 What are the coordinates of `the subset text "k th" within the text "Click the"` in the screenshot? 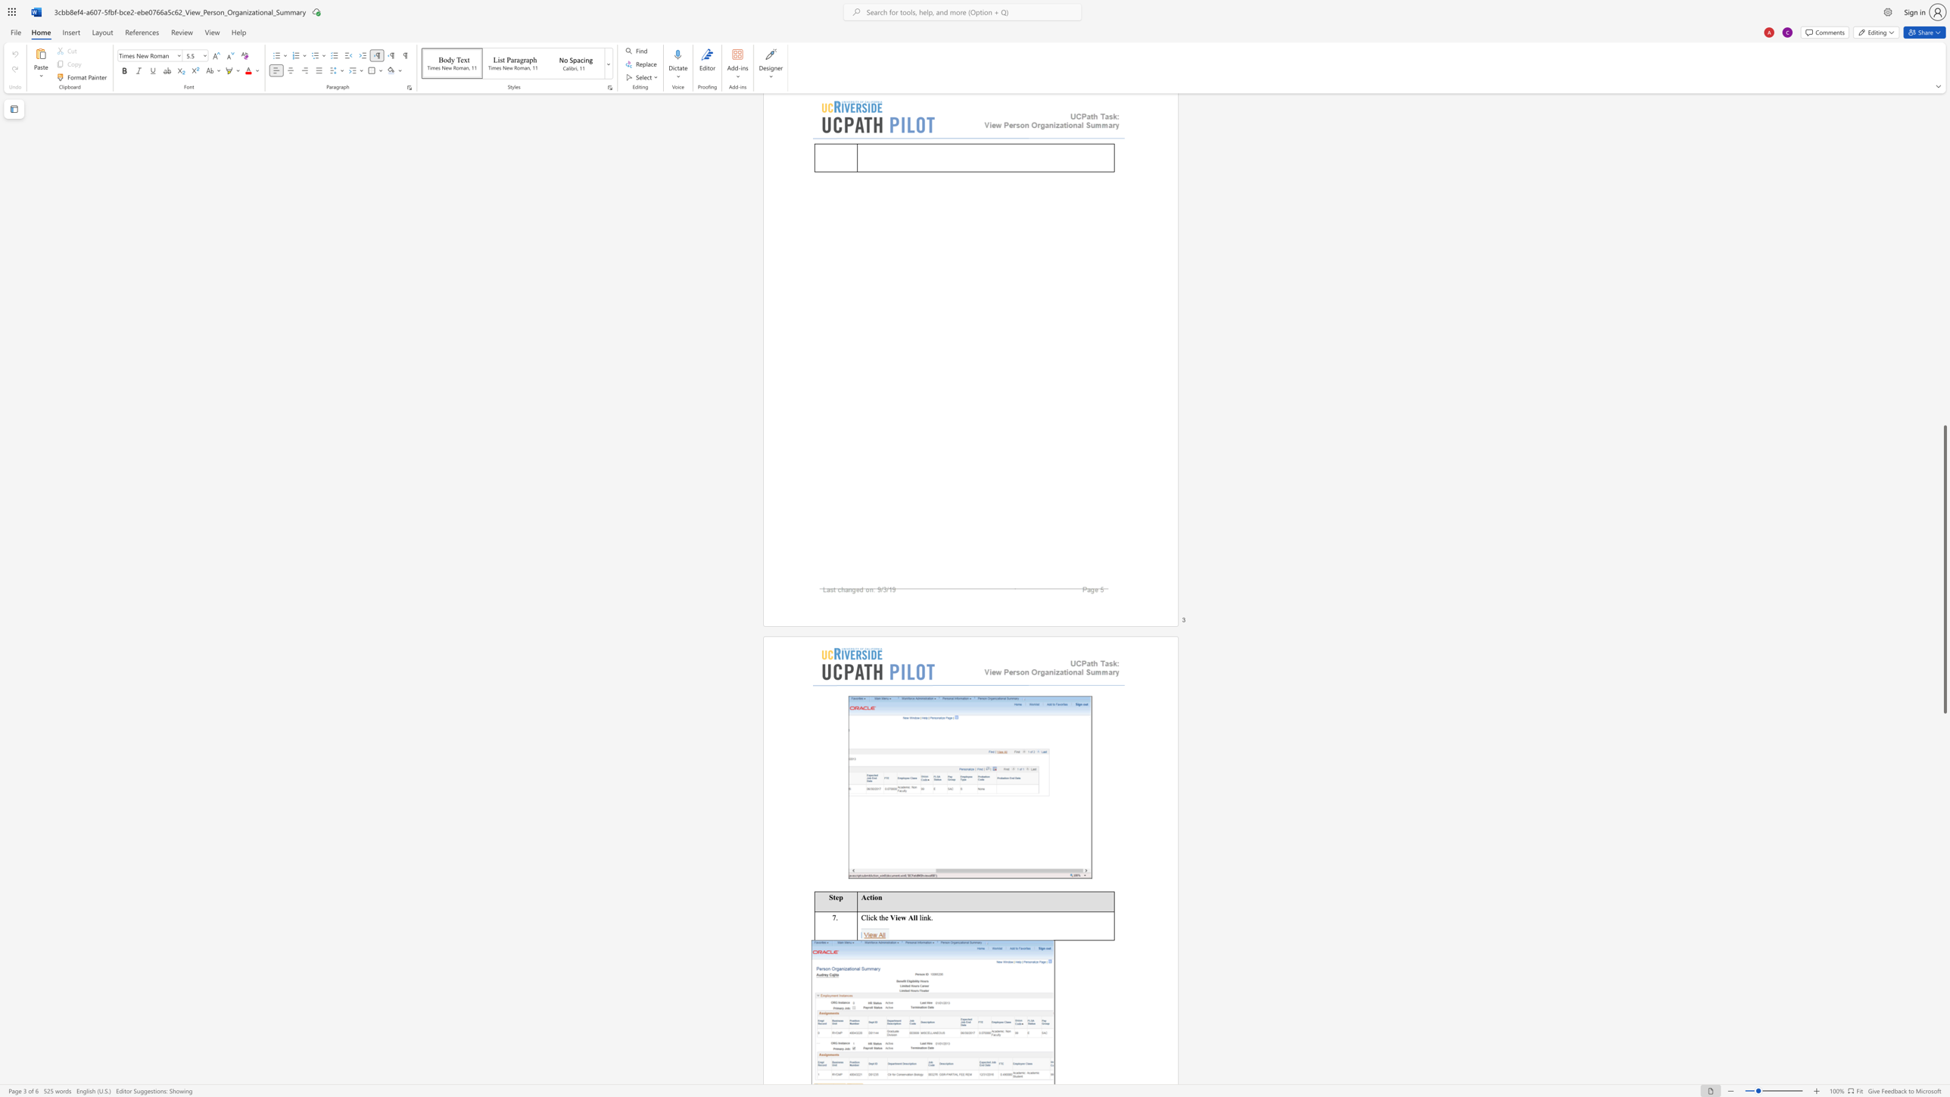 It's located at (873, 917).